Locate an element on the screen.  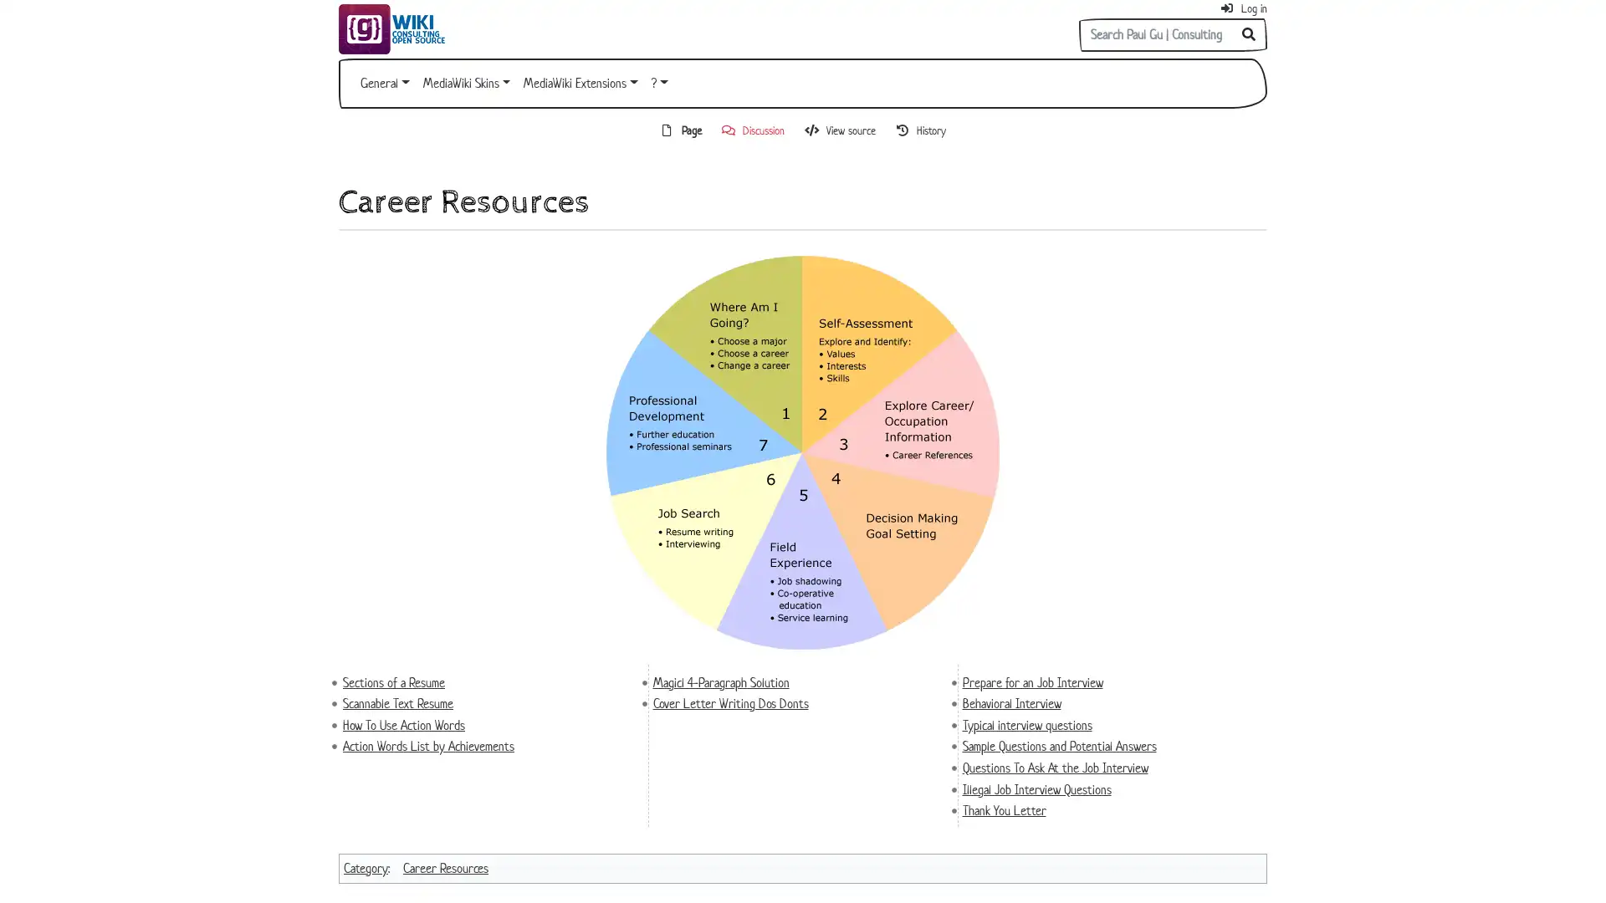
Go to page is located at coordinates (1249, 35).